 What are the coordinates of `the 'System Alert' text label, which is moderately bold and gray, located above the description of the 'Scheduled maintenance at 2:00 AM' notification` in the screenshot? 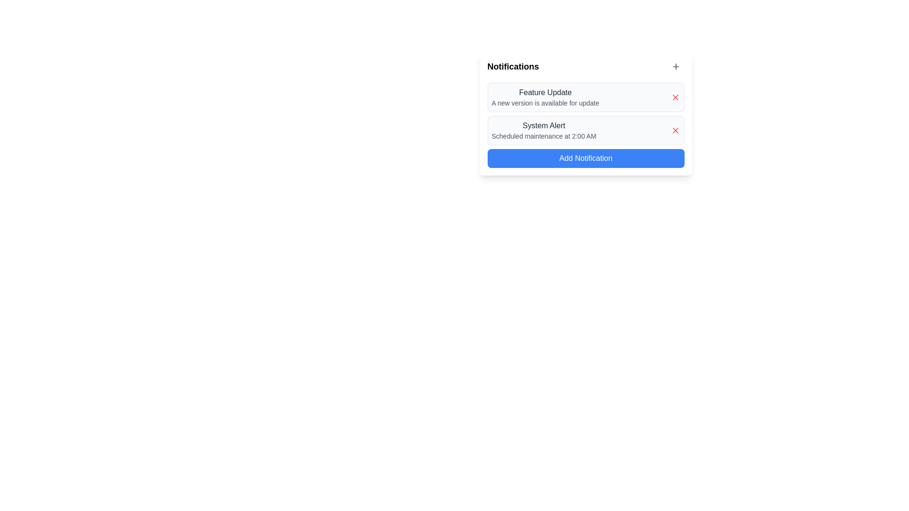 It's located at (544, 125).